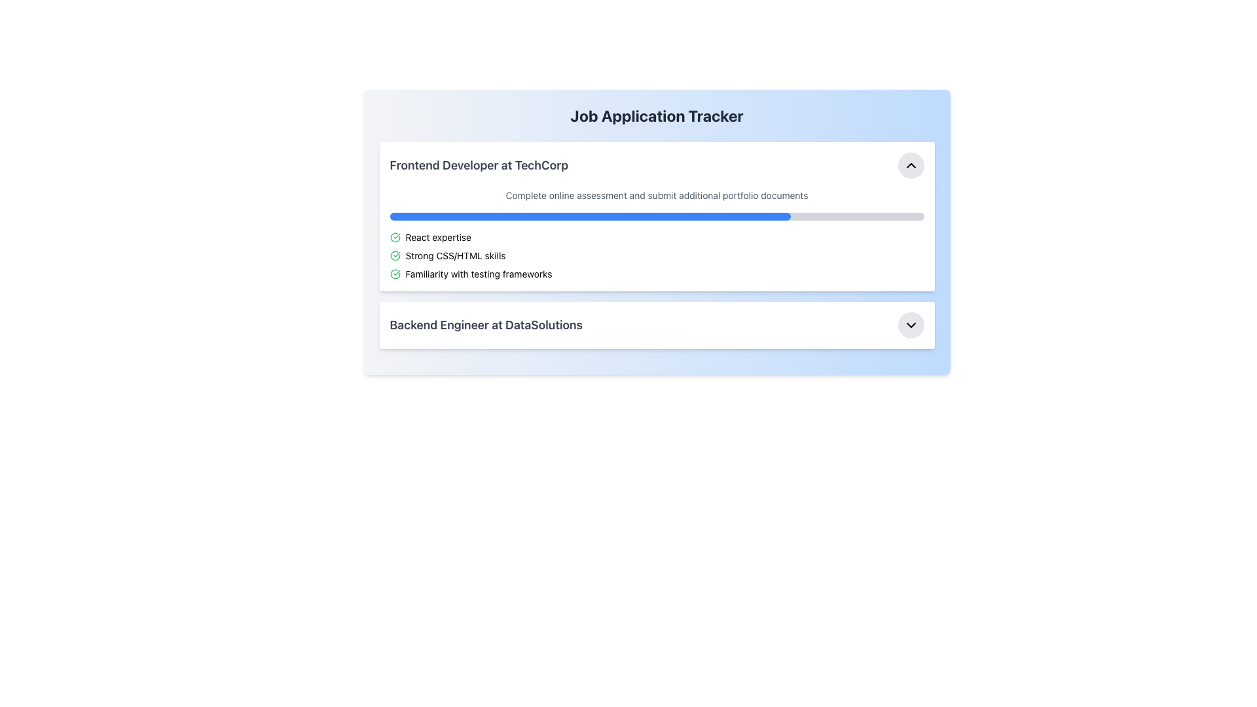 Image resolution: width=1257 pixels, height=707 pixels. Describe the element at coordinates (657, 216) in the screenshot. I see `the horizontal progress bar located below the text 'Complete online assessment and submit additional portfolio documents' and above the list of bullet points describing job requirements` at that location.